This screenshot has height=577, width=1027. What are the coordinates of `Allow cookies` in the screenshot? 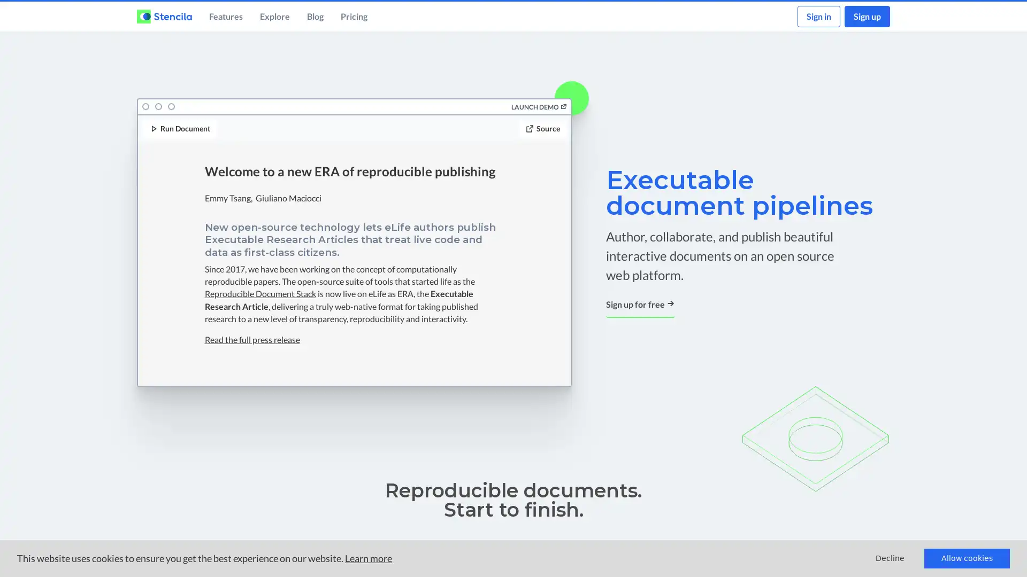 It's located at (967, 558).